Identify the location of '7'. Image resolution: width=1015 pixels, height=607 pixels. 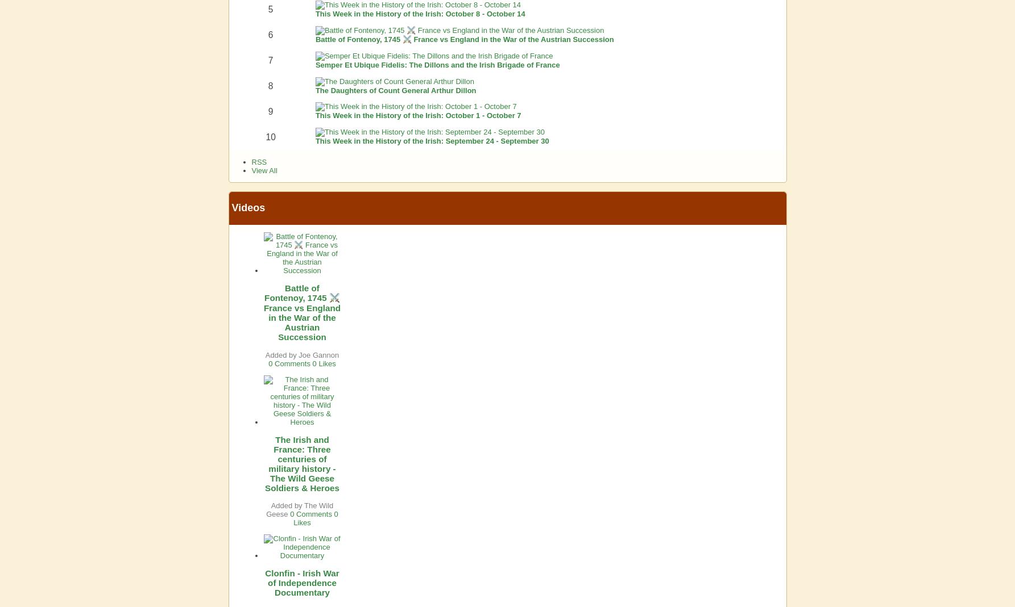
(270, 60).